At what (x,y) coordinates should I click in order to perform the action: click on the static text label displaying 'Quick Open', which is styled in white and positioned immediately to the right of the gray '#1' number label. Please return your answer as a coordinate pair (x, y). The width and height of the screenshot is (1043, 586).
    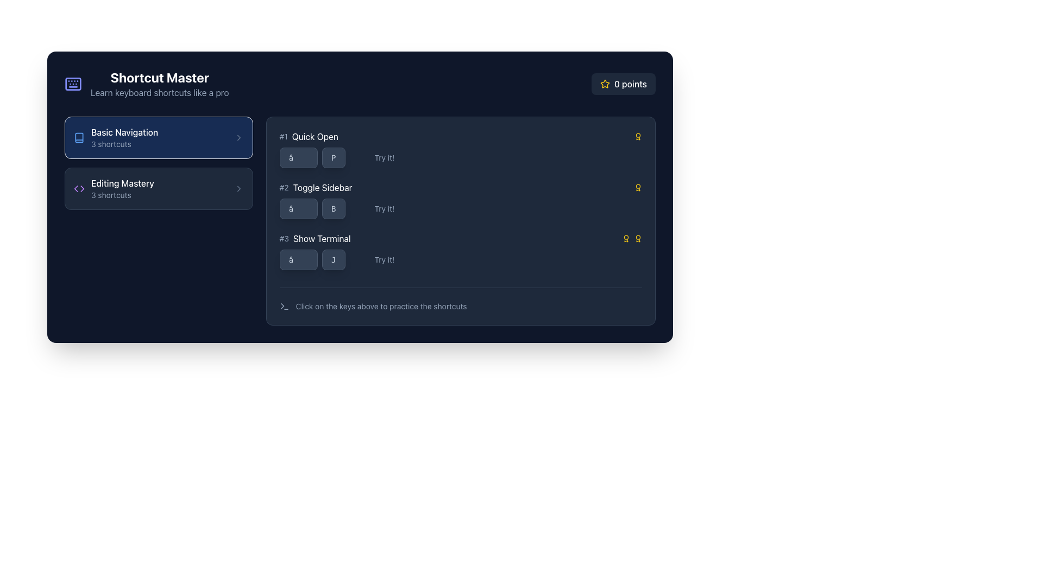
    Looking at the image, I should click on (315, 136).